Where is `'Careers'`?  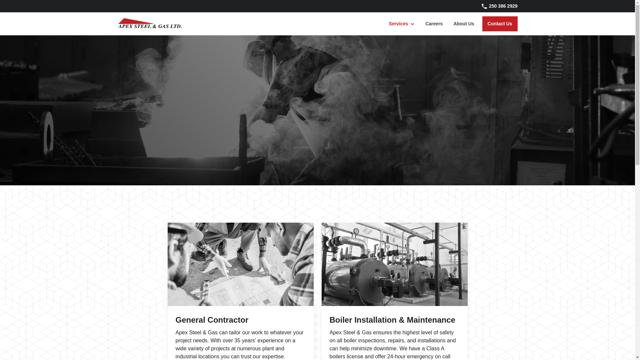 'Careers' is located at coordinates (434, 23).